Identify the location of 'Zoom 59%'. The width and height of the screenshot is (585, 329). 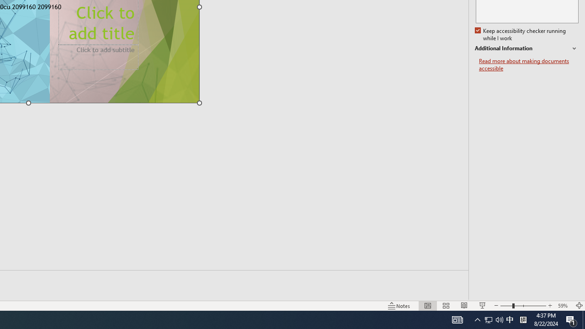
(564, 306).